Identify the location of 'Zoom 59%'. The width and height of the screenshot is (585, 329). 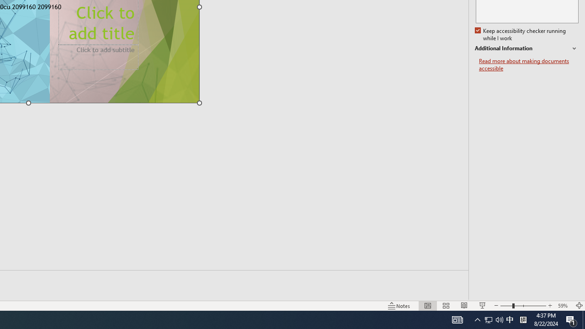
(564, 306).